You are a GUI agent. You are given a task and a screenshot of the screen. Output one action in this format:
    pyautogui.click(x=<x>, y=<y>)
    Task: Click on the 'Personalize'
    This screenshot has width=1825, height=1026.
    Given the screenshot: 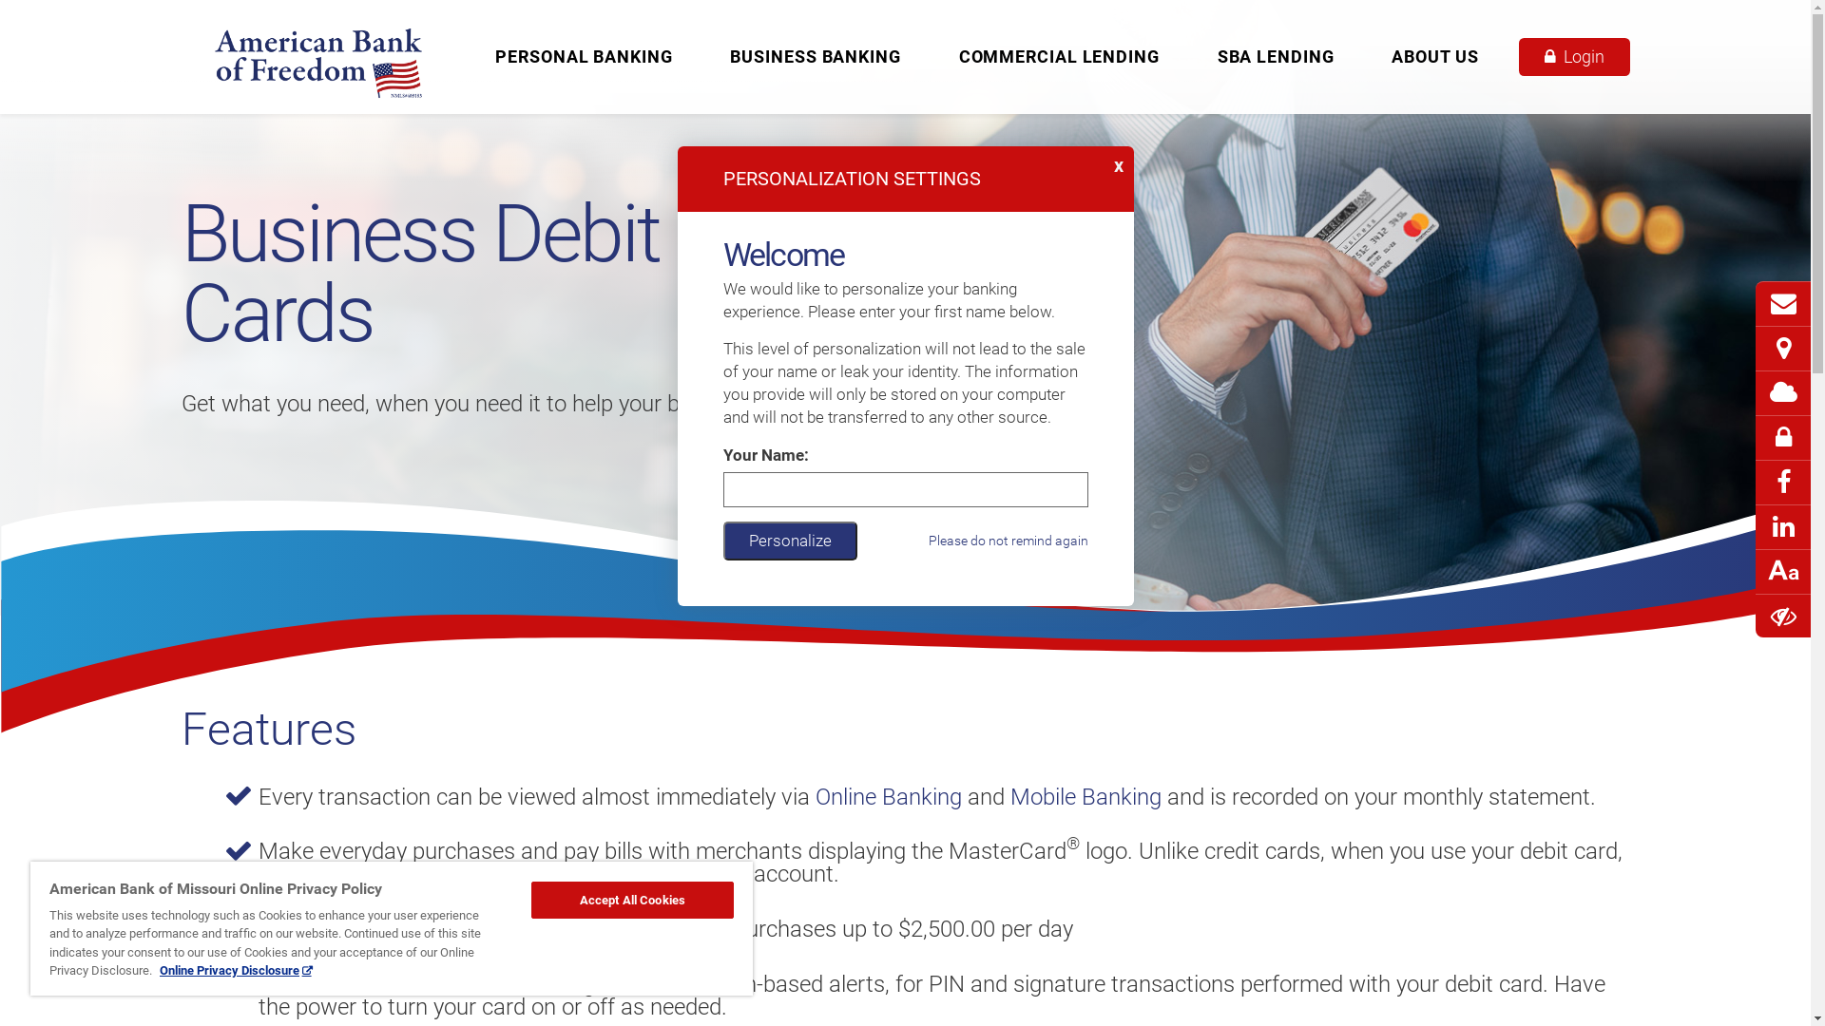 What is the action you would take?
    pyautogui.click(x=789, y=540)
    